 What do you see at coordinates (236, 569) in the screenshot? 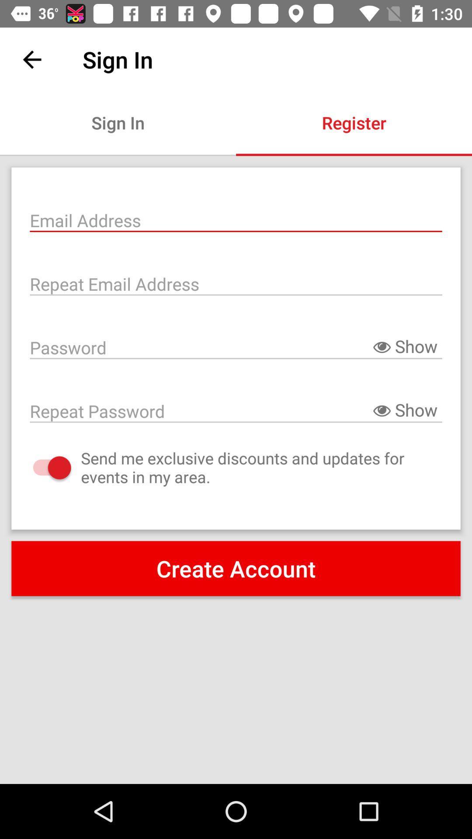
I see `the create account item` at bounding box center [236, 569].